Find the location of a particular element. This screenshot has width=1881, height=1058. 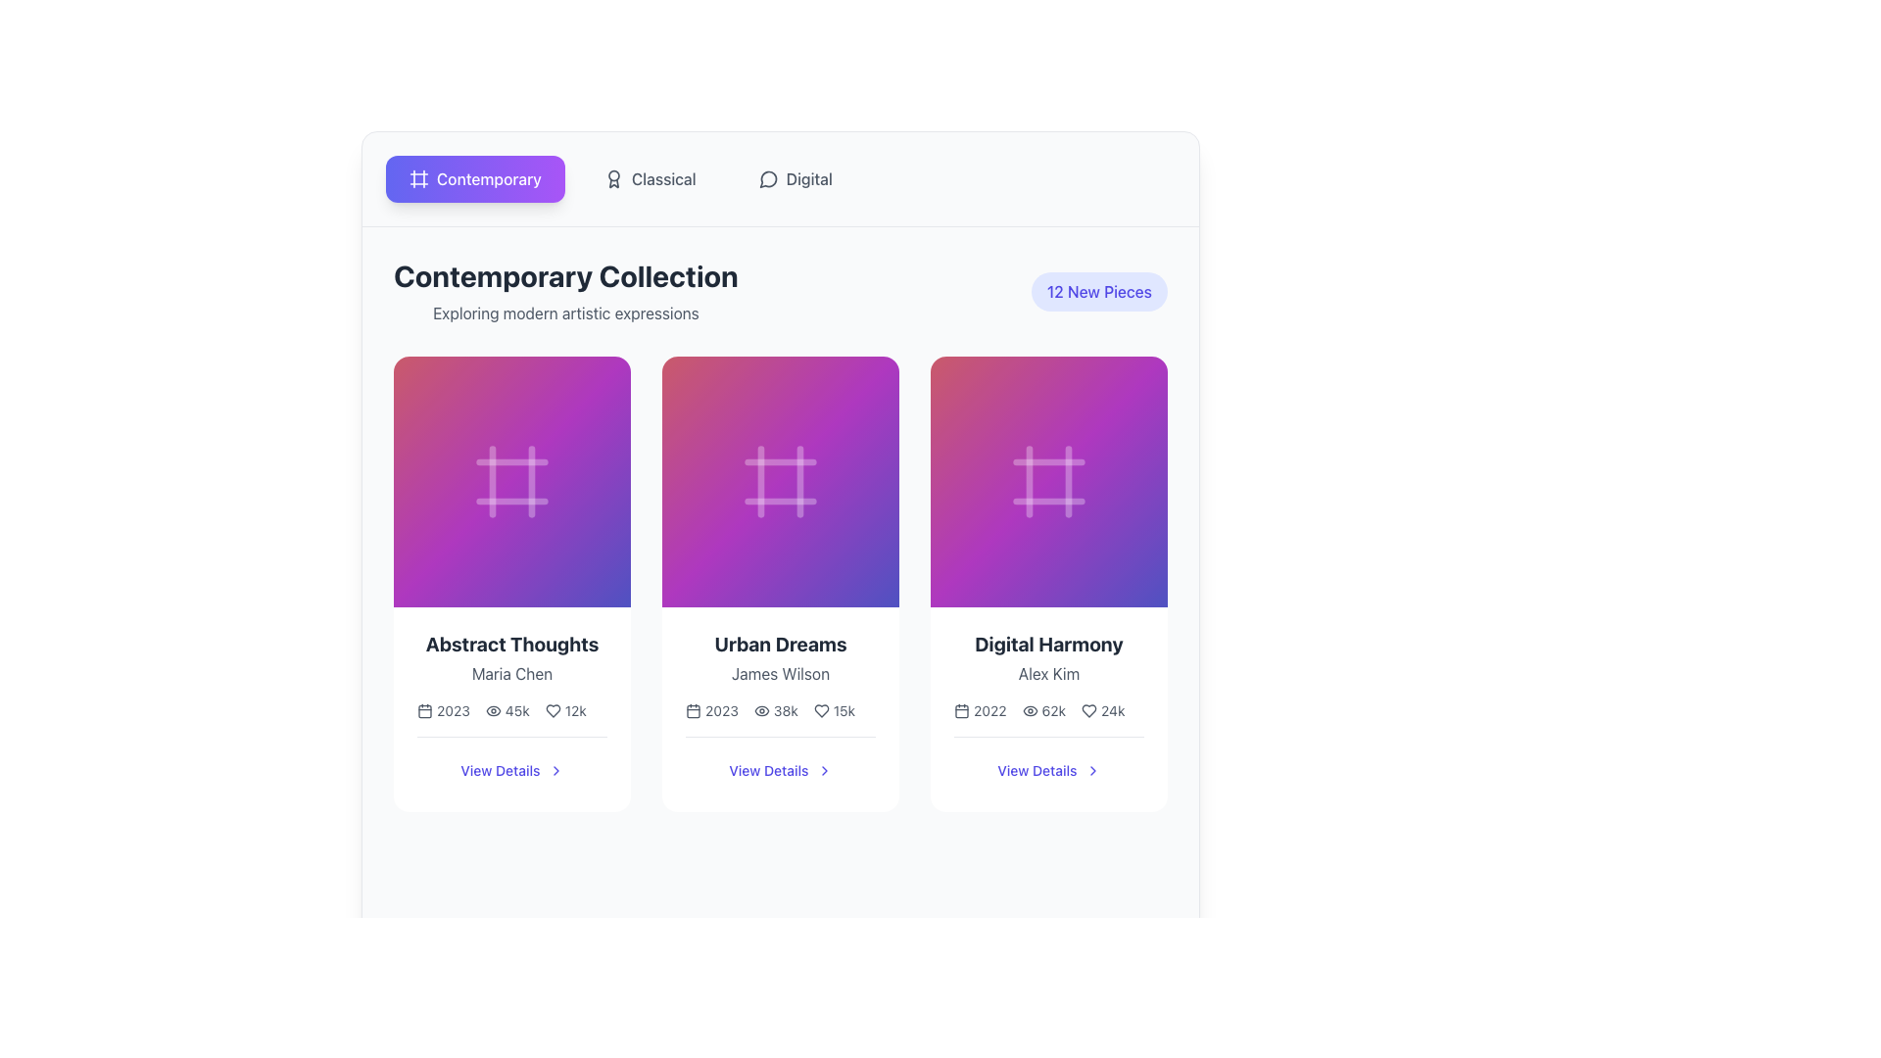

the 'Classical' navigation tab button, which is the second tab in a row of three tabs labeled 'Contemporary', 'Classical', and 'Digital' is located at coordinates (650, 178).